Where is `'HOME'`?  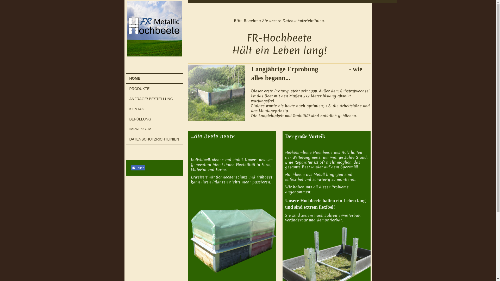 'HOME' is located at coordinates (154, 79).